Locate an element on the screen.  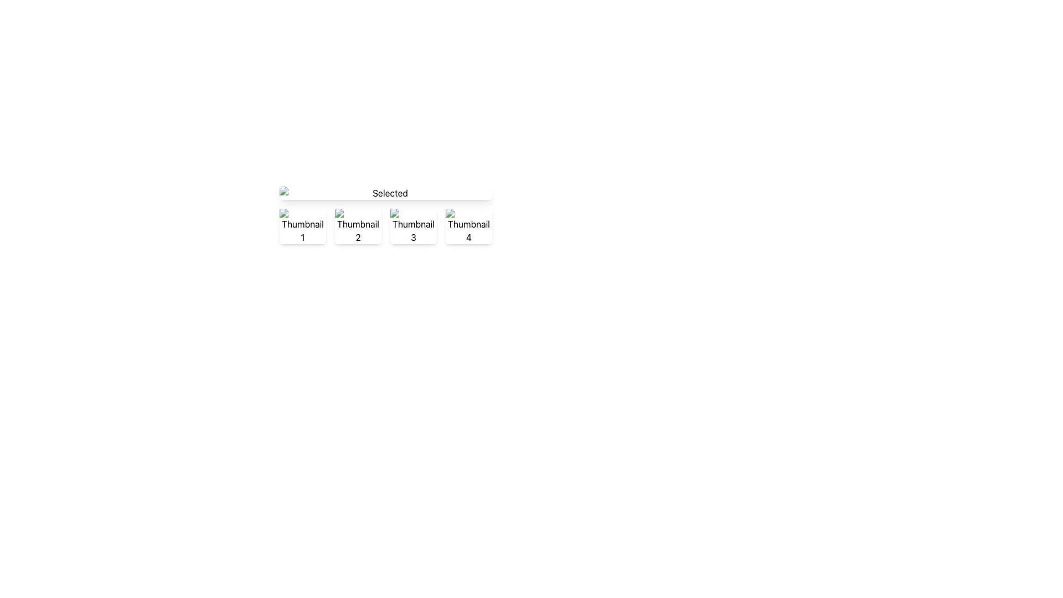
the 'Thumbnail 3' button, which is a rectangular thumbnail image with a shadow effect is located at coordinates (413, 225).